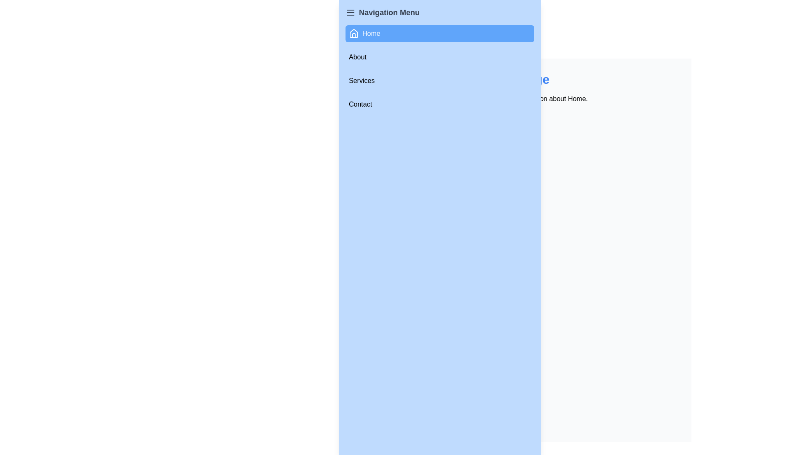  Describe the element at coordinates (350, 13) in the screenshot. I see `the icon located to the left of the 'Navigation Menu' text in the top-left corner of the interface` at that location.